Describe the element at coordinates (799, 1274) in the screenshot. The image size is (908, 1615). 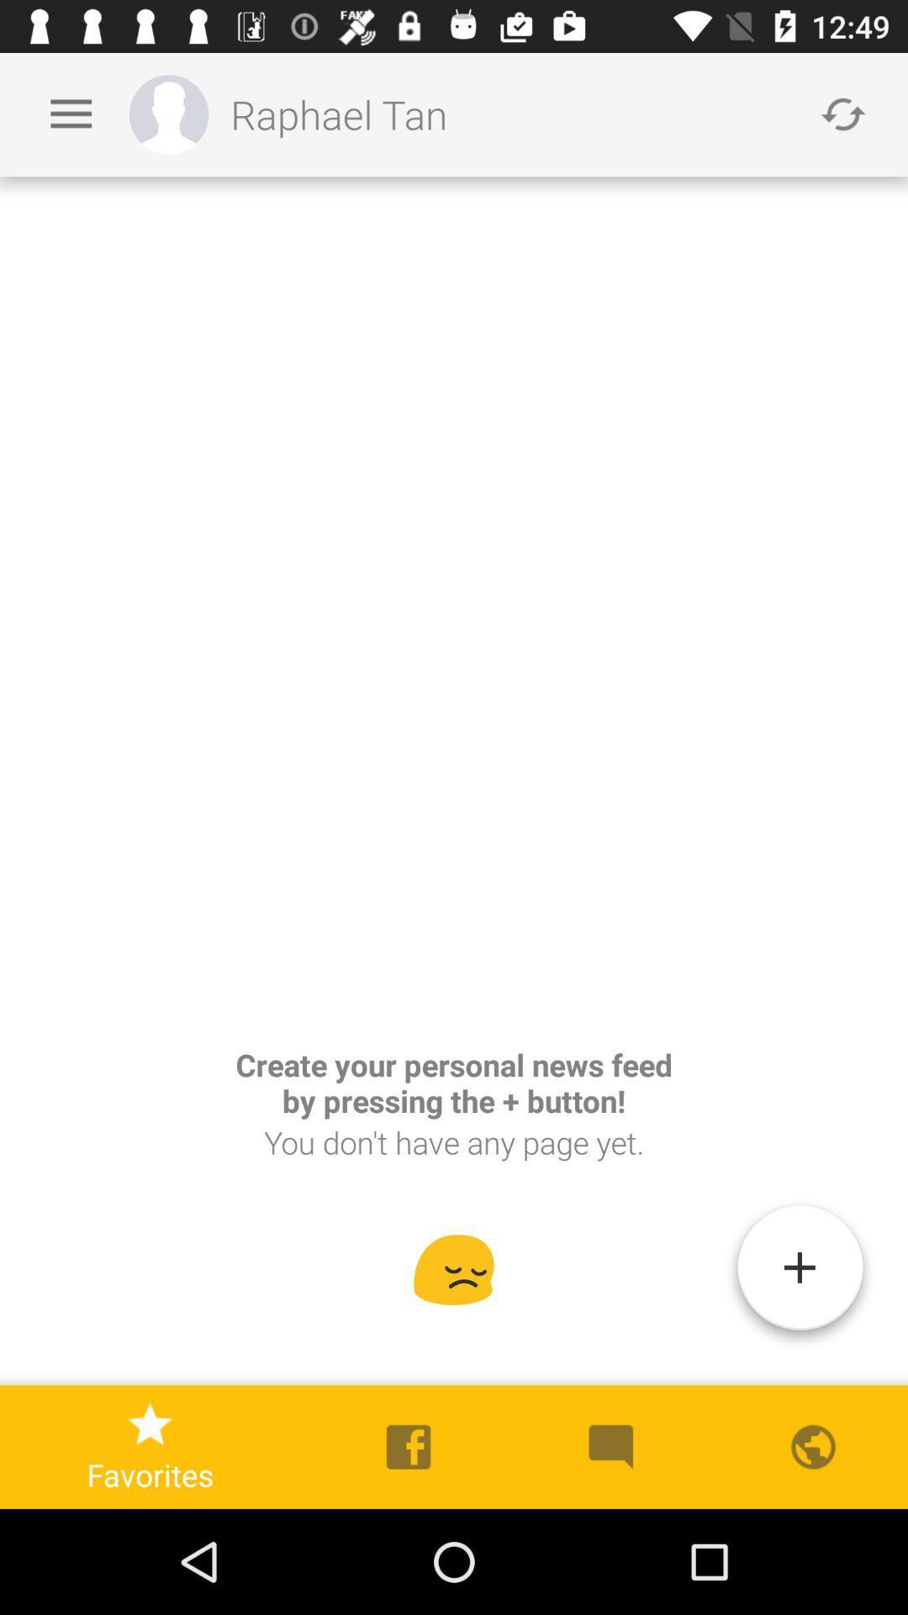
I see `the add icon` at that location.